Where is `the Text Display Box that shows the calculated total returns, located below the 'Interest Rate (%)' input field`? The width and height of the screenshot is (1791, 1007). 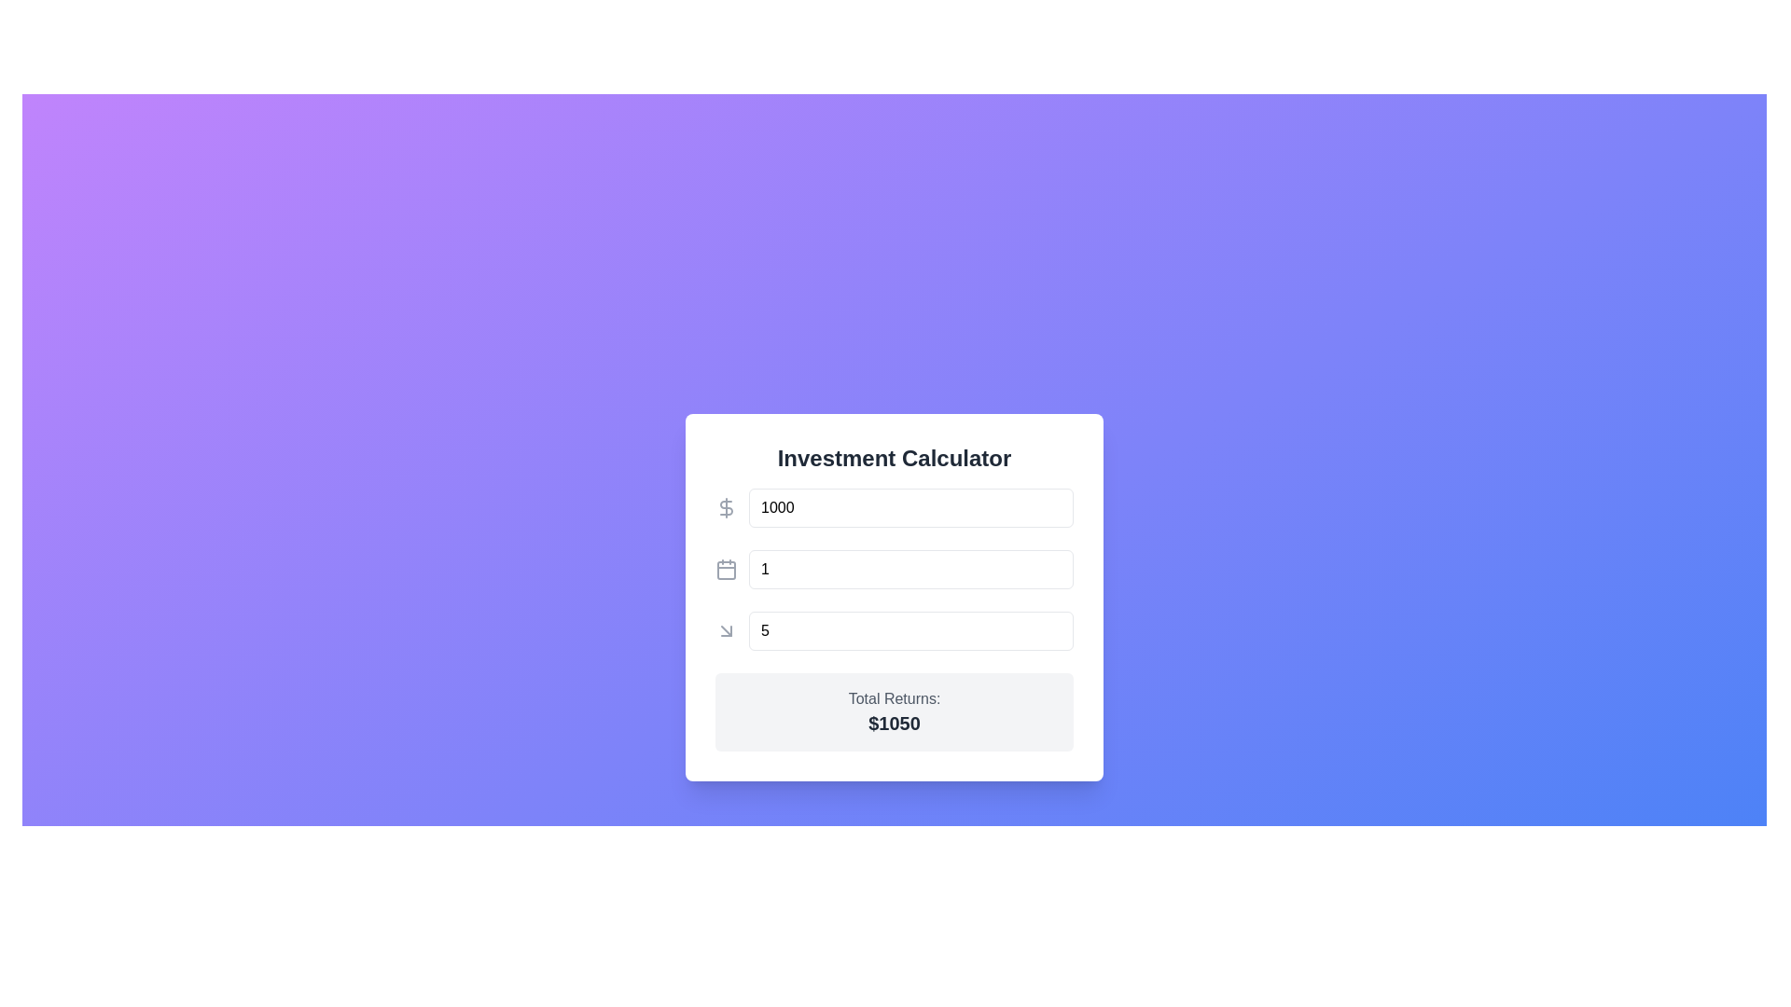
the Text Display Box that shows the calculated total returns, located below the 'Interest Rate (%)' input field is located at coordinates (894, 711).